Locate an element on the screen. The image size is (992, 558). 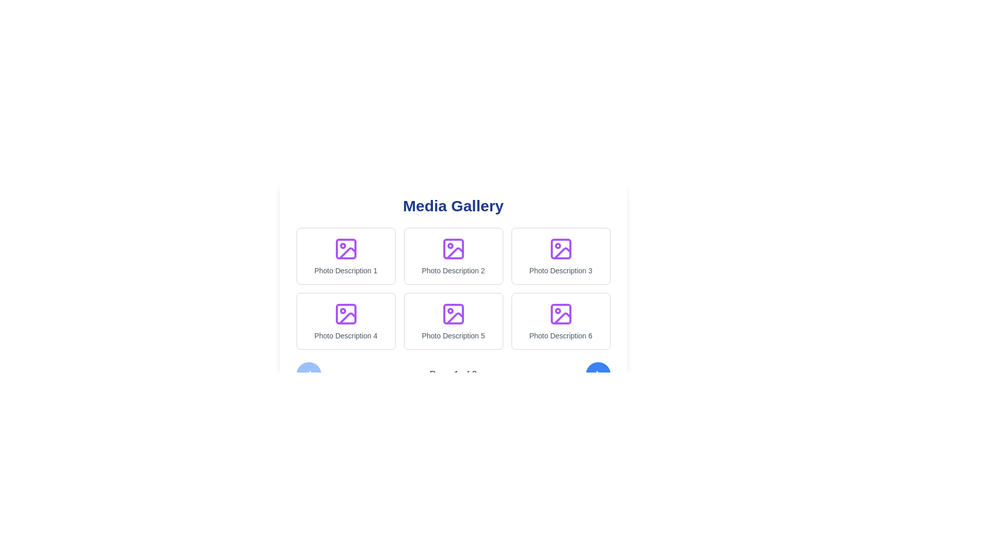
the graphical decoration element within the fourth thumbnail of the 'Media Gallery' grid, associated with 'Photo Description 4' is located at coordinates (346, 314).